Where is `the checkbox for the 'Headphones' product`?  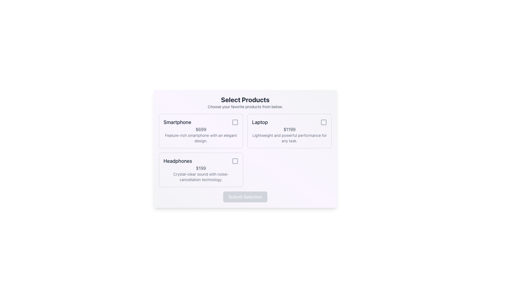 the checkbox for the 'Headphones' product is located at coordinates (235, 161).